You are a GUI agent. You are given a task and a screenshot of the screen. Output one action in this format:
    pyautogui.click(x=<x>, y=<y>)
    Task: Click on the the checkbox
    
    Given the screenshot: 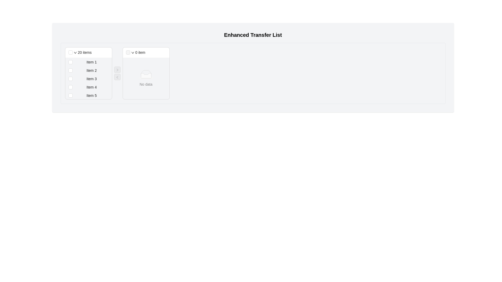 What is the action you would take?
    pyautogui.click(x=88, y=70)
    